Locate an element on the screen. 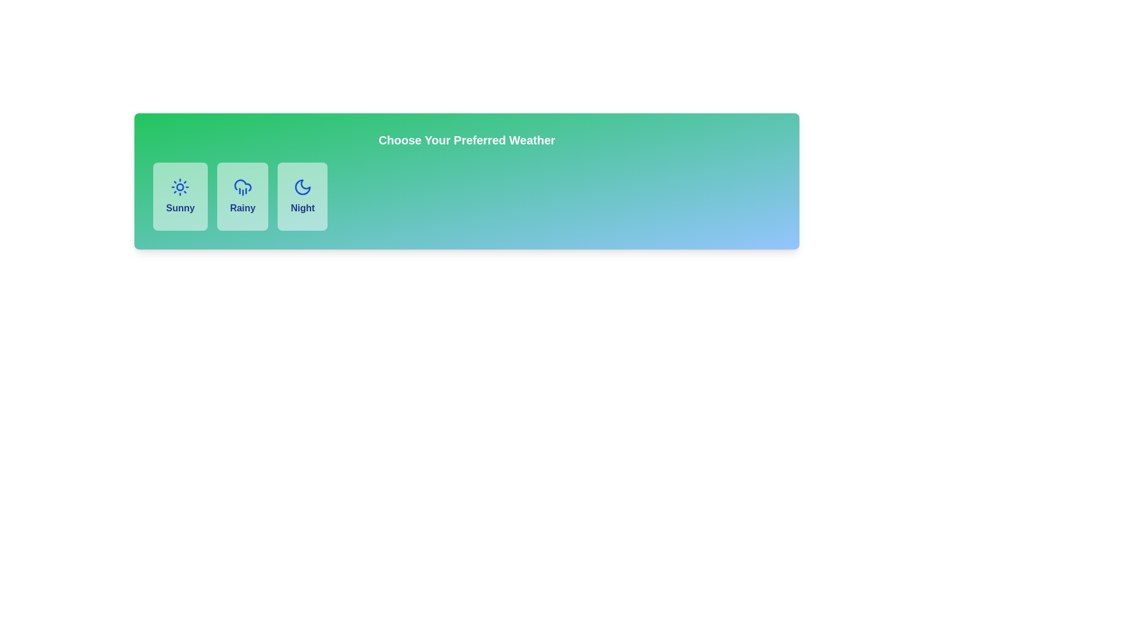  the blue crescent moon icon representing the night mode, which is the third selectable option in the weather-related UI segment is located at coordinates (302, 187).